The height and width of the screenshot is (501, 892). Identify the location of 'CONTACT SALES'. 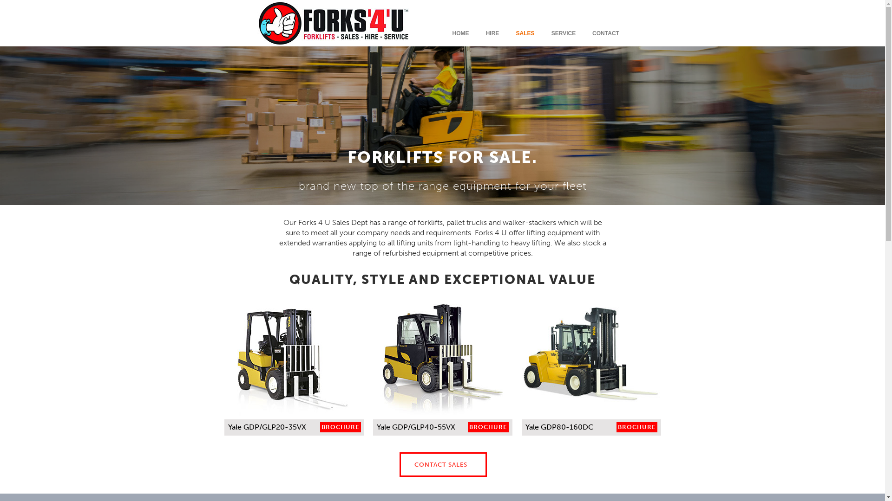
(443, 464).